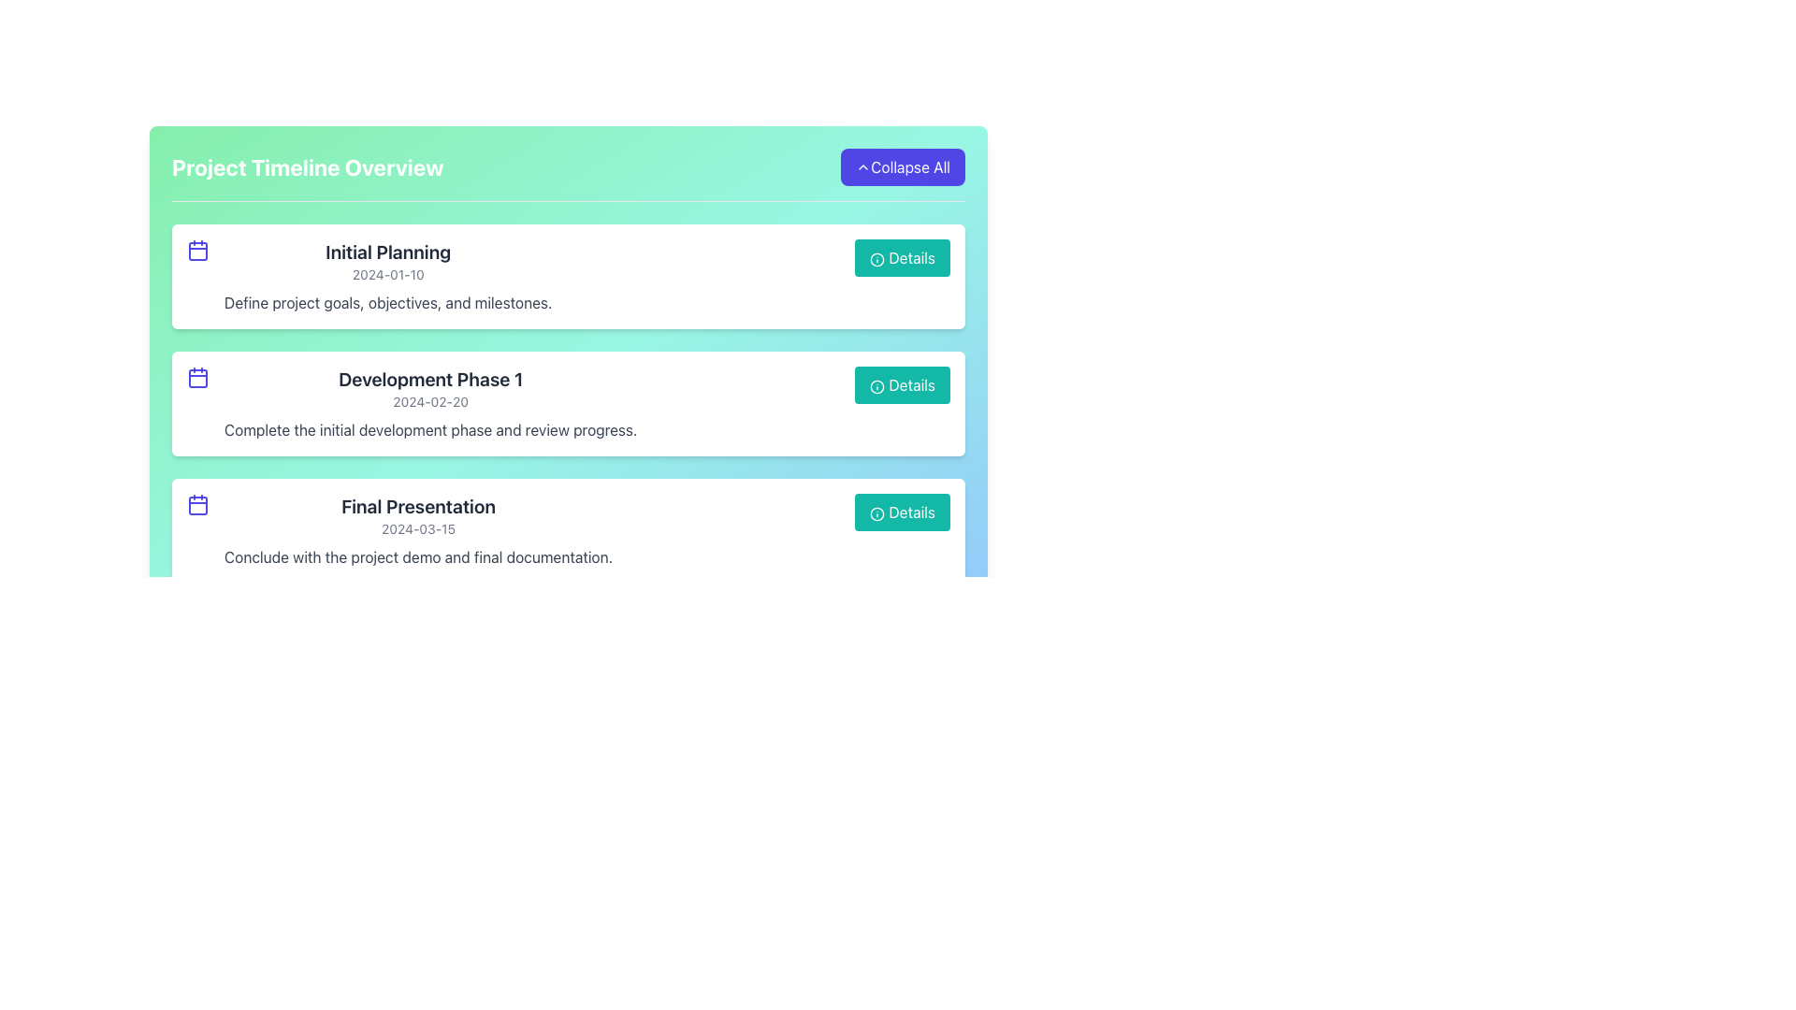 Image resolution: width=1796 pixels, height=1010 pixels. What do you see at coordinates (417, 529) in the screenshot?
I see `the static text label that represents the date for the timeline entry 'Final Presentation', located in the third timeline item` at bounding box center [417, 529].